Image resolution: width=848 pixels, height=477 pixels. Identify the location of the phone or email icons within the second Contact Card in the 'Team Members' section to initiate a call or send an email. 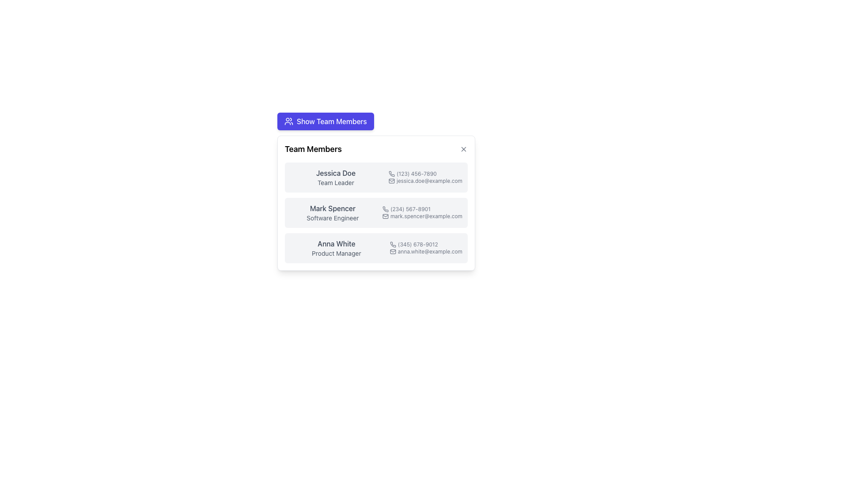
(376, 213).